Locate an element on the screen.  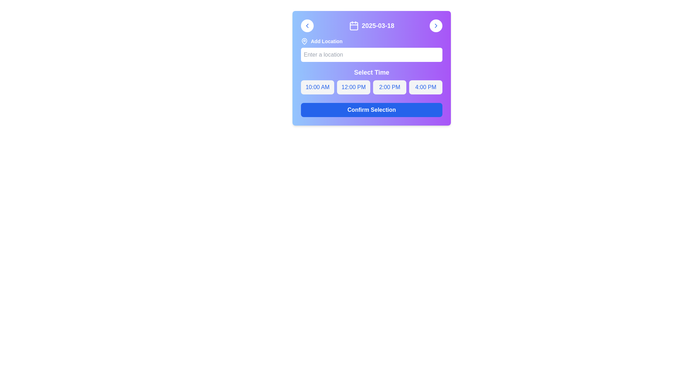
the bold date text label '2025-03-18', which is prominently displayed in the upper center of the interface, next to a calendar icon is located at coordinates (378, 25).